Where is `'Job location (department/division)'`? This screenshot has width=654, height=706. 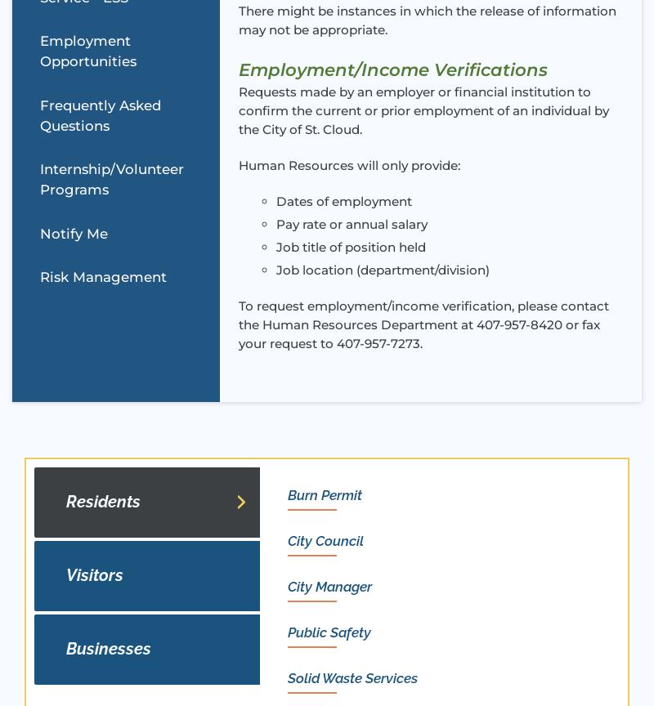
'Job location (department/division)' is located at coordinates (275, 269).